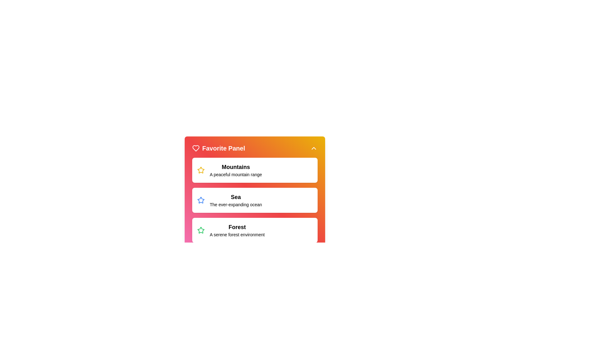 This screenshot has height=338, width=602. I want to click on the Content block representing a selection or favorite item within the 'Favorite Panel', located below 'Mountains' and above 'Forest', so click(255, 193).